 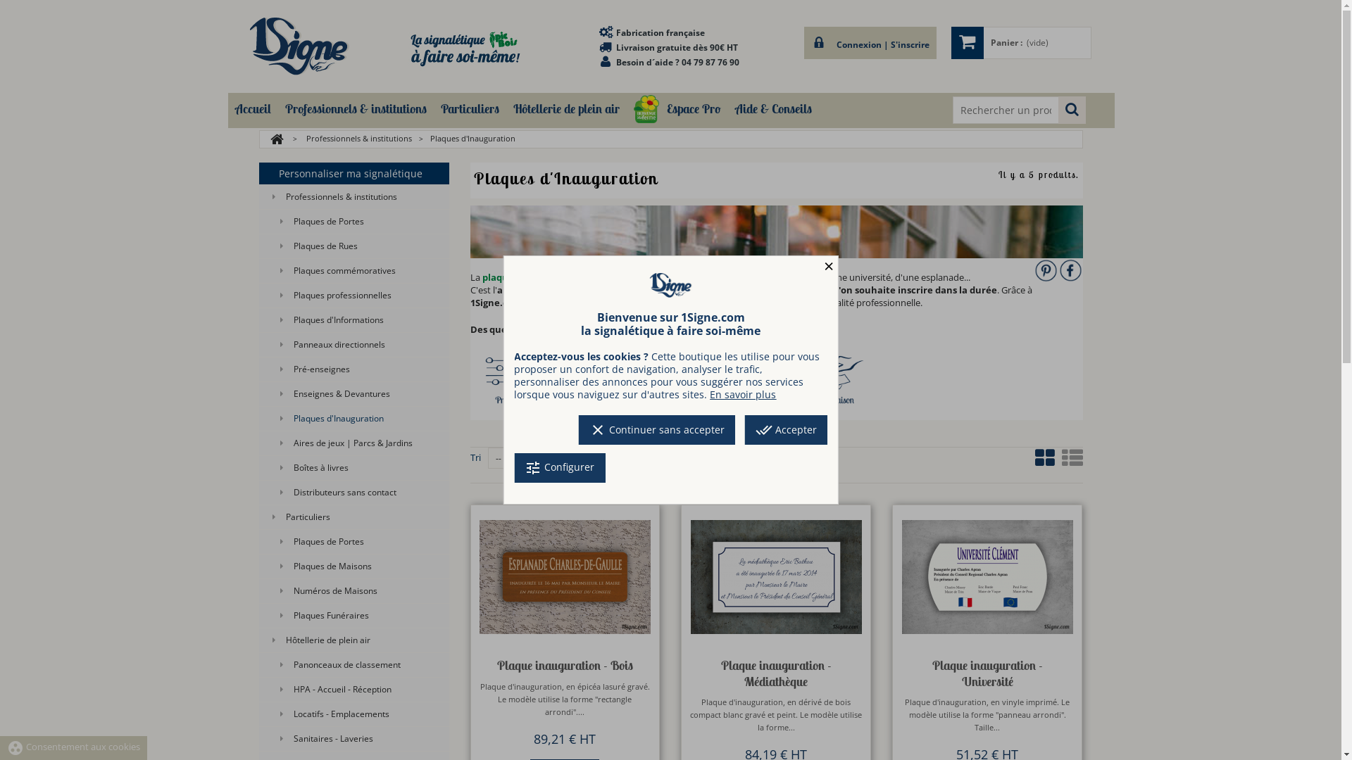 I want to click on 'Panier :, so click(x=1021, y=42).